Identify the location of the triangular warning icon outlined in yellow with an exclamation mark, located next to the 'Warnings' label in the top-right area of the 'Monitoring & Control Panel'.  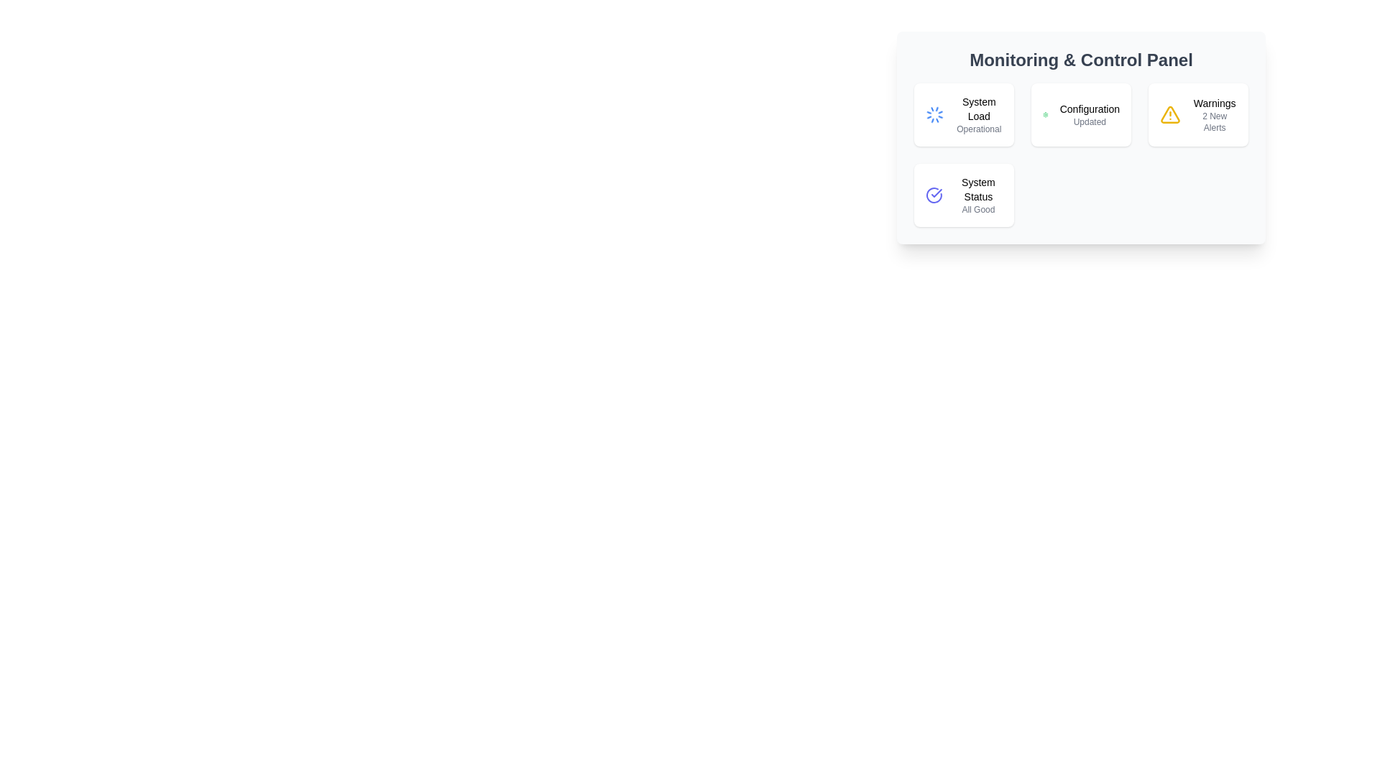
(1170, 114).